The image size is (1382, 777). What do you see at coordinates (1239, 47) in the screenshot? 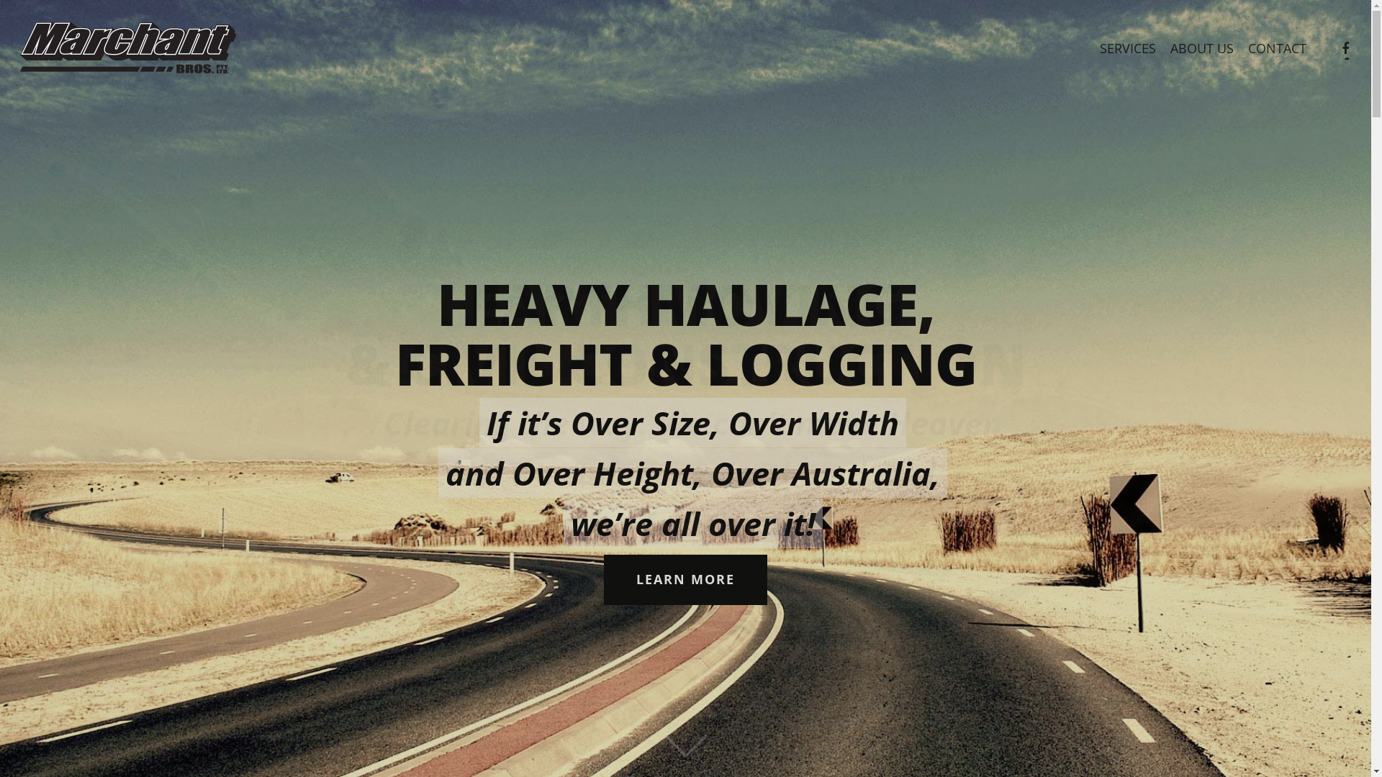
I see `'CONTACT'` at bounding box center [1239, 47].